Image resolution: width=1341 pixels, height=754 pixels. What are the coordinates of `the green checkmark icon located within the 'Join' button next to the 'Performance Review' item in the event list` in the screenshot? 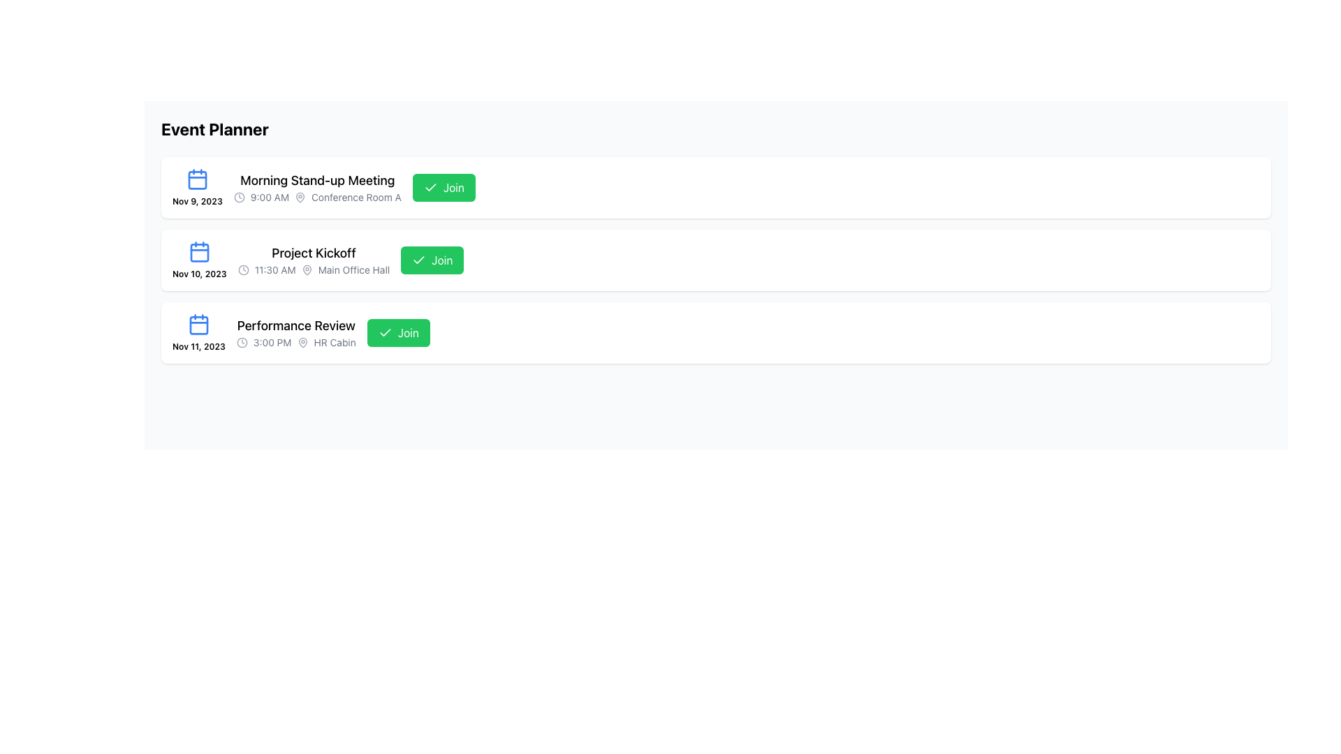 It's located at (385, 333).